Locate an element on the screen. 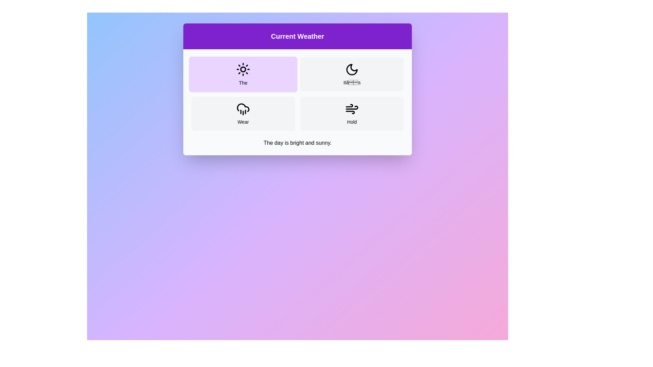  the weather option sunny by clicking on its corresponding area is located at coordinates (243, 74).